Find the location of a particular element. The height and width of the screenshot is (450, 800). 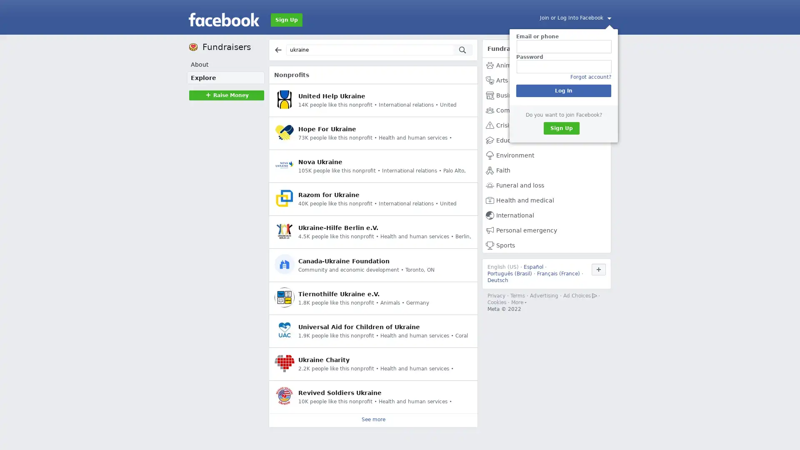

Log In is located at coordinates (564, 91).